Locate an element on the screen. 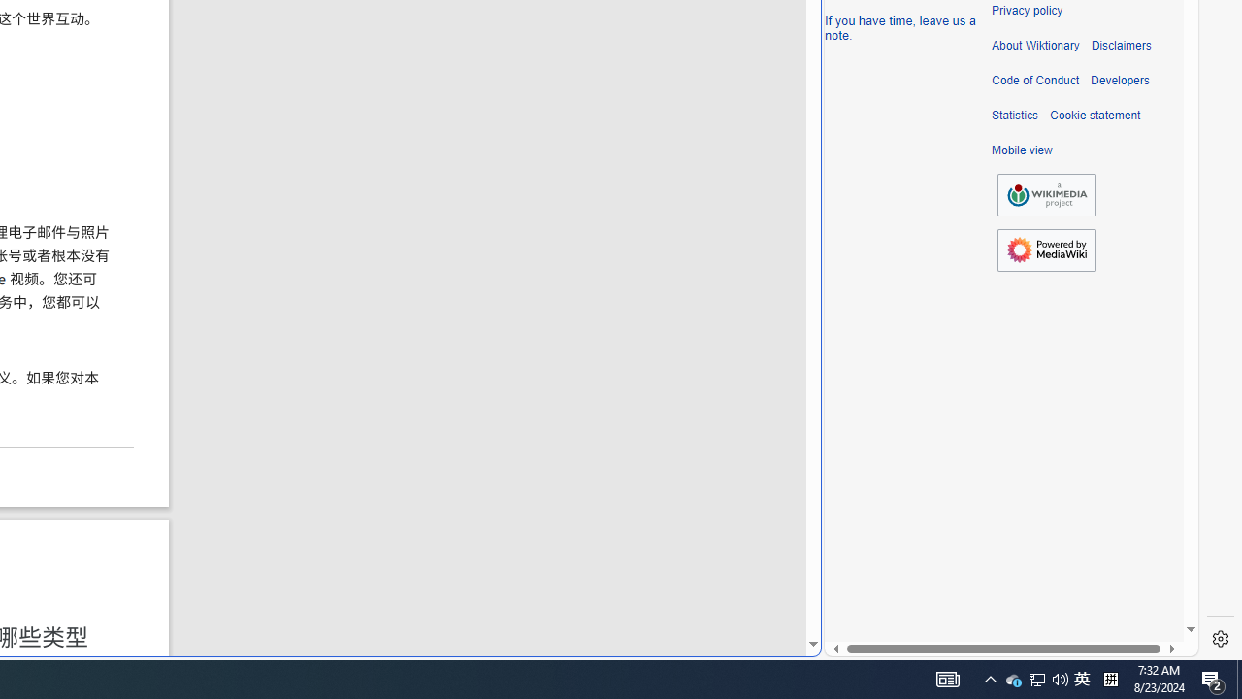 The width and height of the screenshot is (1242, 699). 'Disclaimers' is located at coordinates (1121, 45).